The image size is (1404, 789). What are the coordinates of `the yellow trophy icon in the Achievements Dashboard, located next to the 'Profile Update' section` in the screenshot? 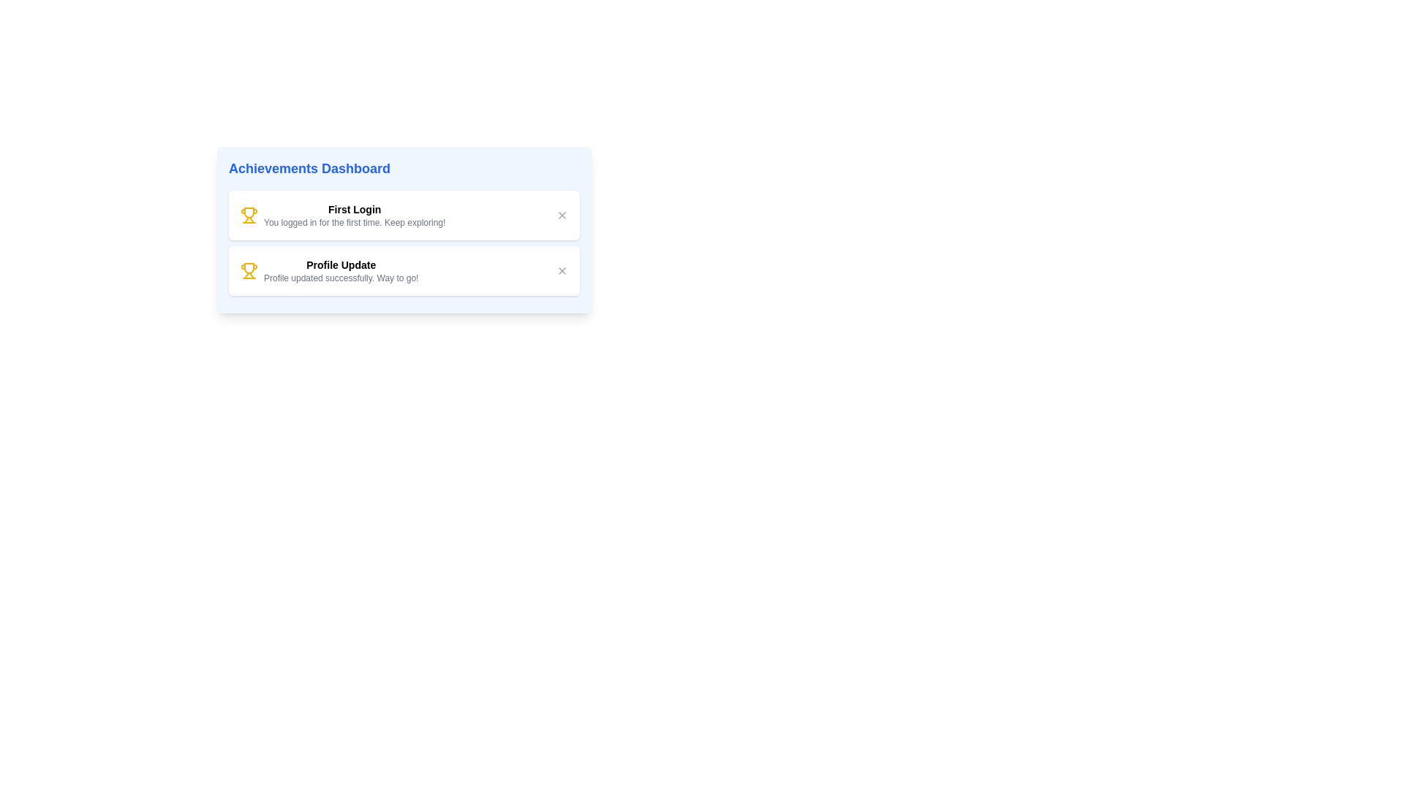 It's located at (249, 215).